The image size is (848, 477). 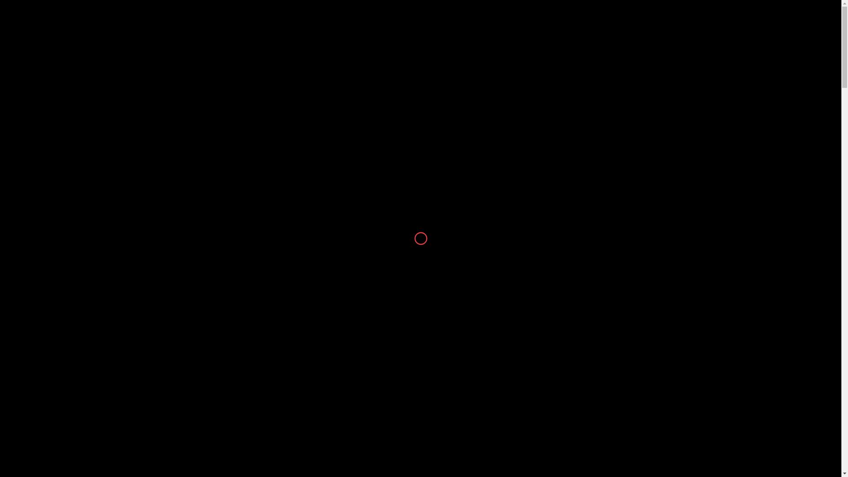 What do you see at coordinates (803, 30) in the screenshot?
I see `'0'` at bounding box center [803, 30].